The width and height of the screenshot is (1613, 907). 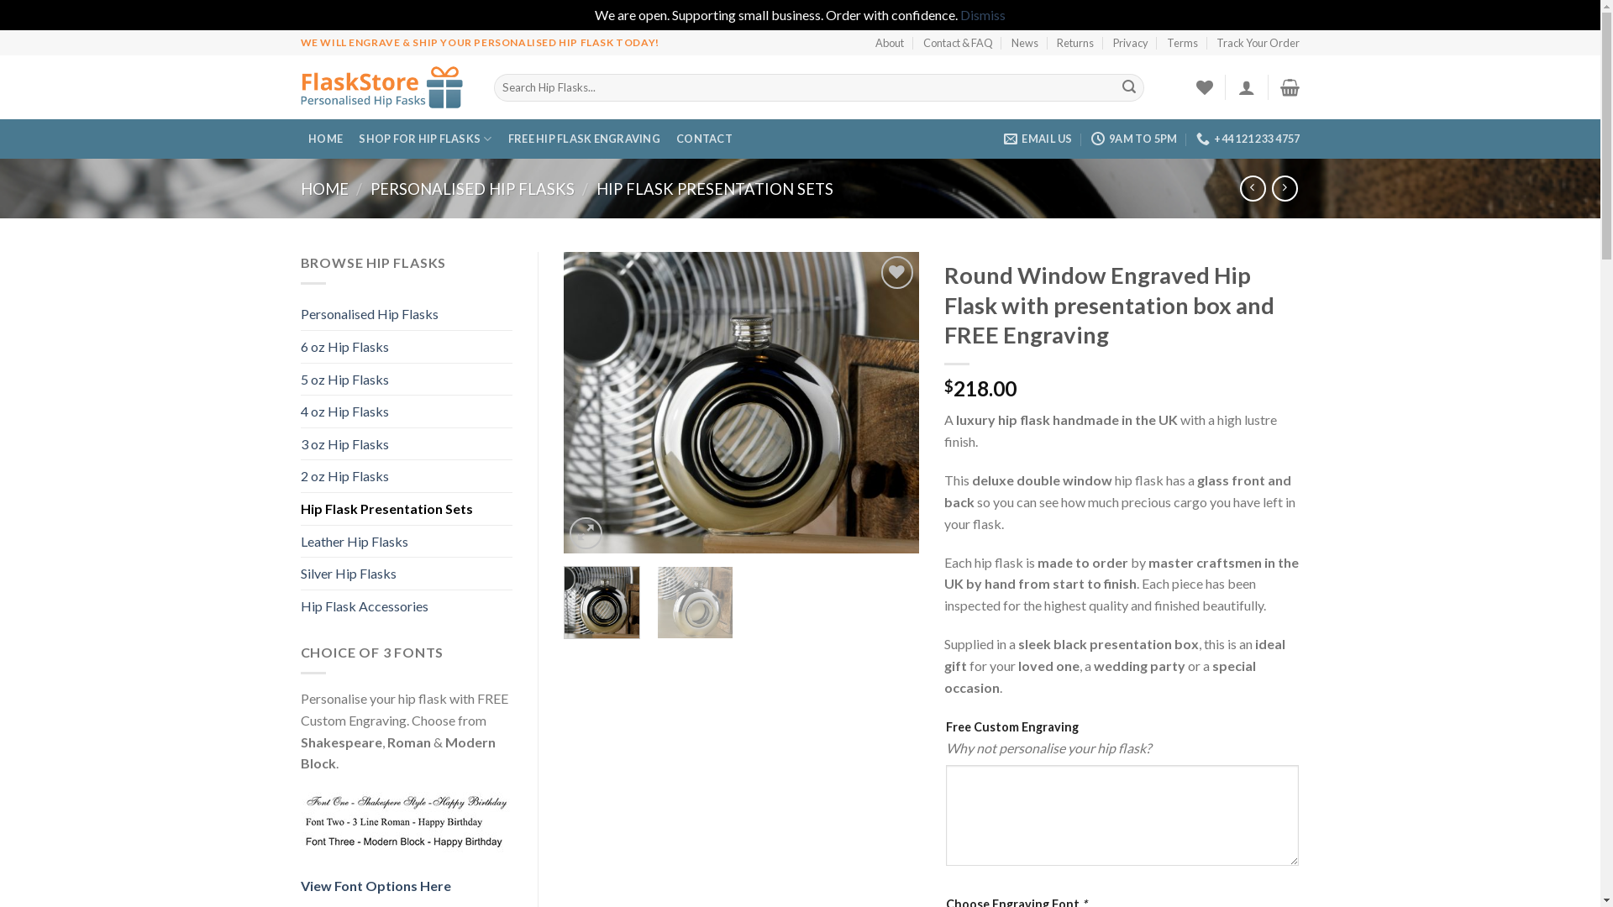 What do you see at coordinates (922, 41) in the screenshot?
I see `'Contact & FAQ'` at bounding box center [922, 41].